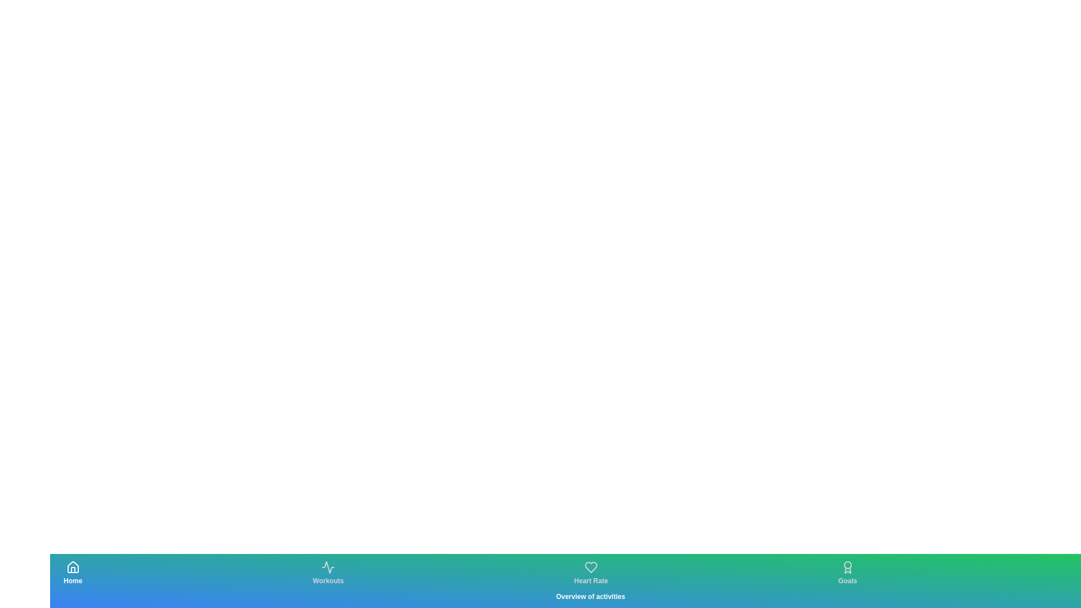  I want to click on the Goals tab to switch to its section, so click(847, 573).